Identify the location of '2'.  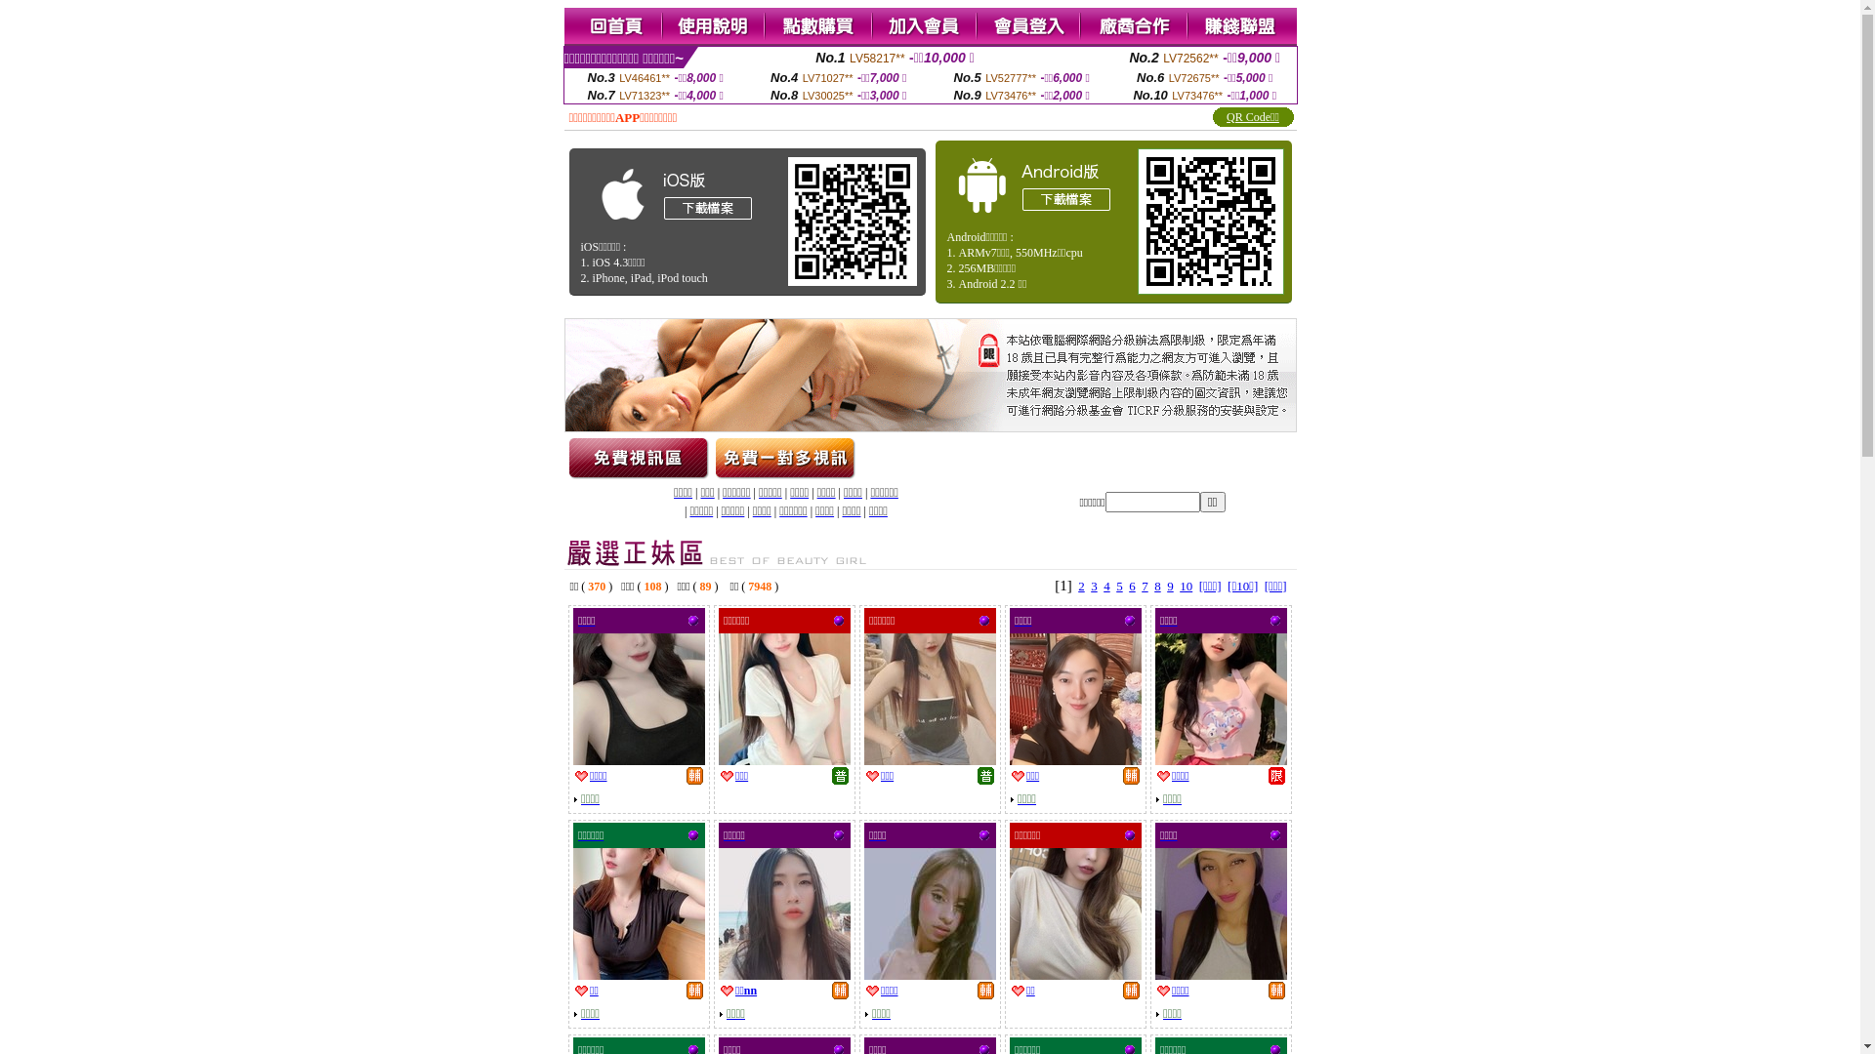
(1077, 585).